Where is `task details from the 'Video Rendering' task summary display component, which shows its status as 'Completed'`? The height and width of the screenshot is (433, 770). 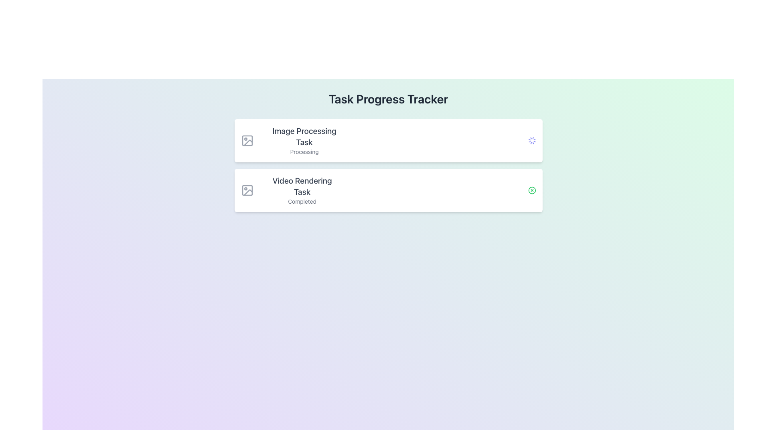 task details from the 'Video Rendering' task summary display component, which shows its status as 'Completed' is located at coordinates (289, 190).